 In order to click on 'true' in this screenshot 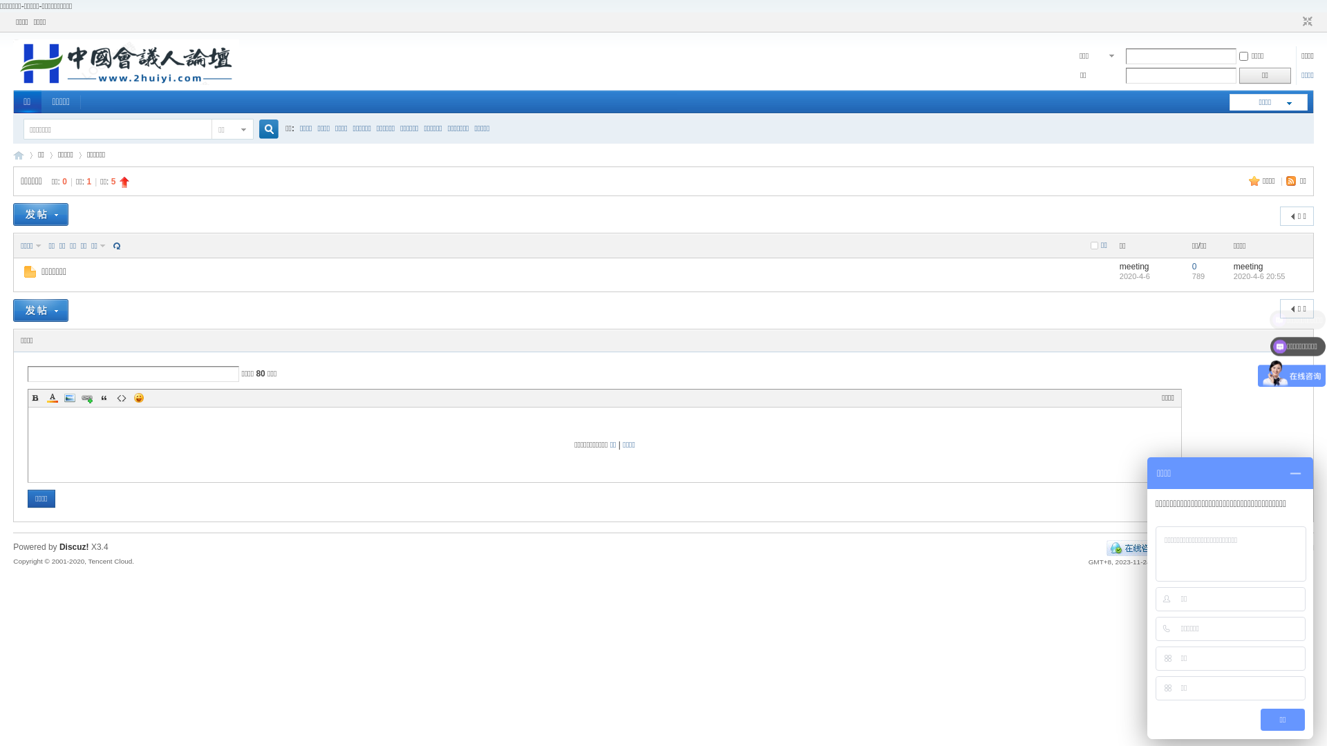, I will do `click(263, 129)`.